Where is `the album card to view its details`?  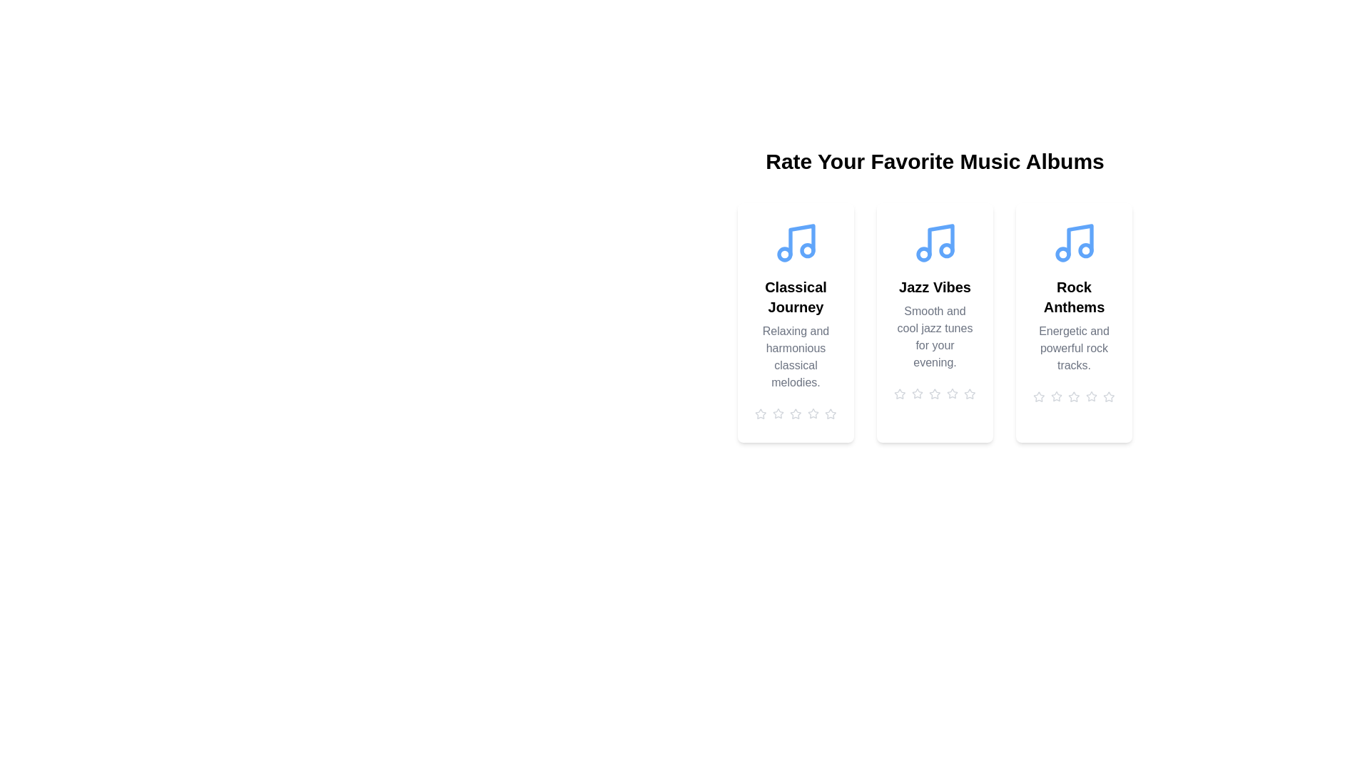 the album card to view its details is located at coordinates (795, 322).